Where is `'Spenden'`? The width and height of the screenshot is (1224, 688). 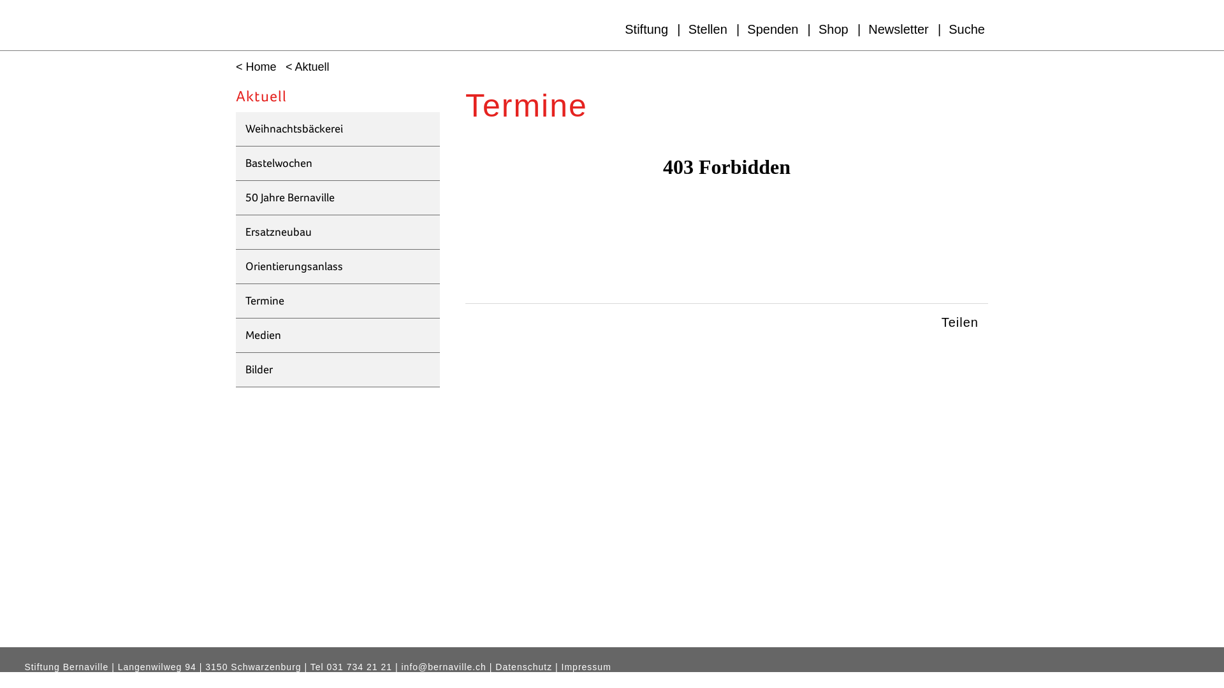 'Spenden' is located at coordinates (772, 29).